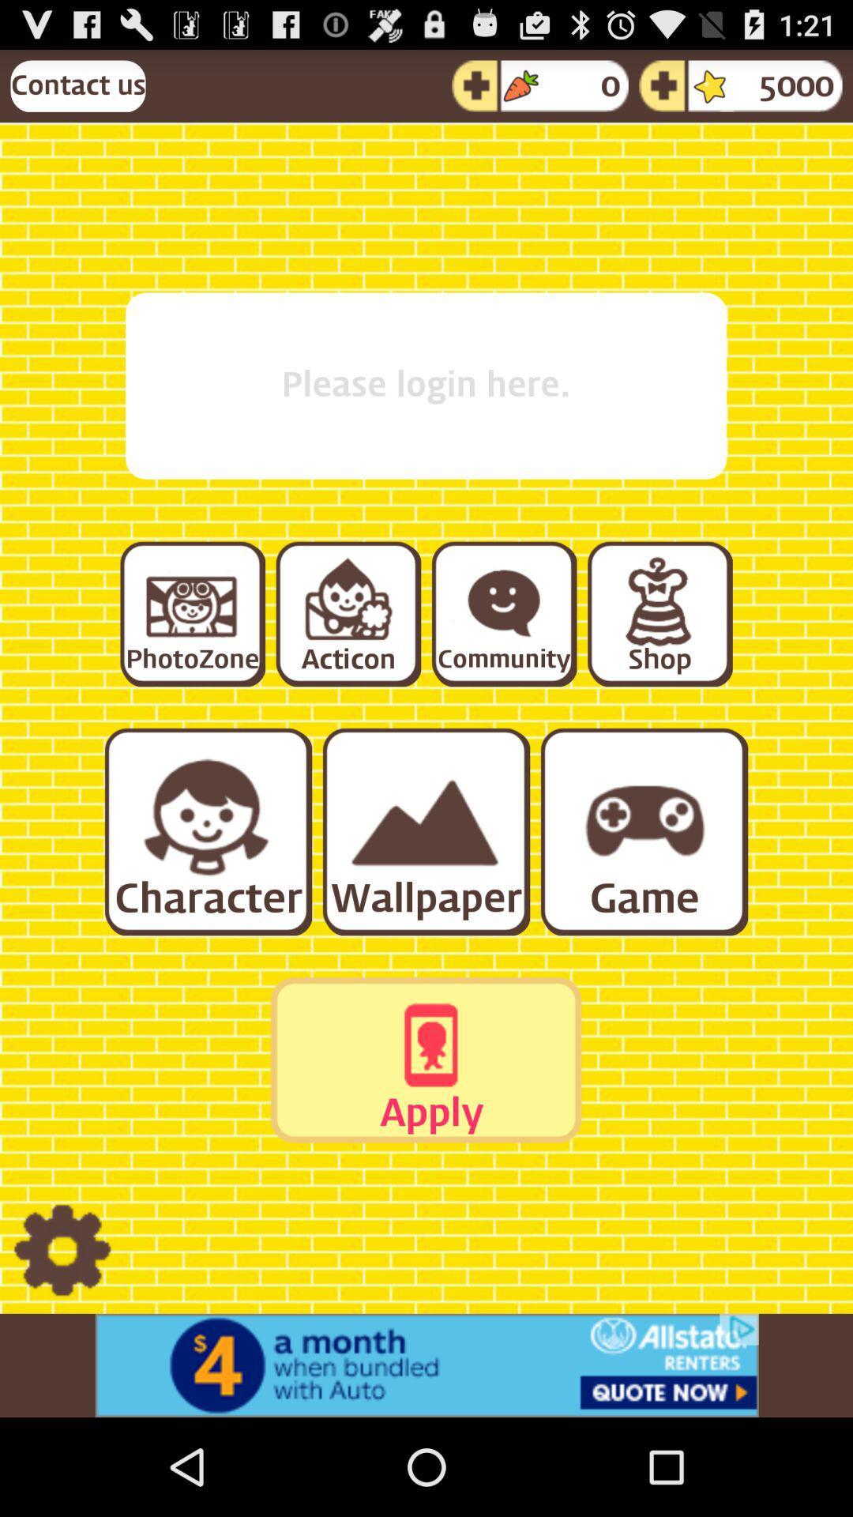 Image resolution: width=853 pixels, height=1517 pixels. Describe the element at coordinates (425, 1060) in the screenshot. I see `apply` at that location.